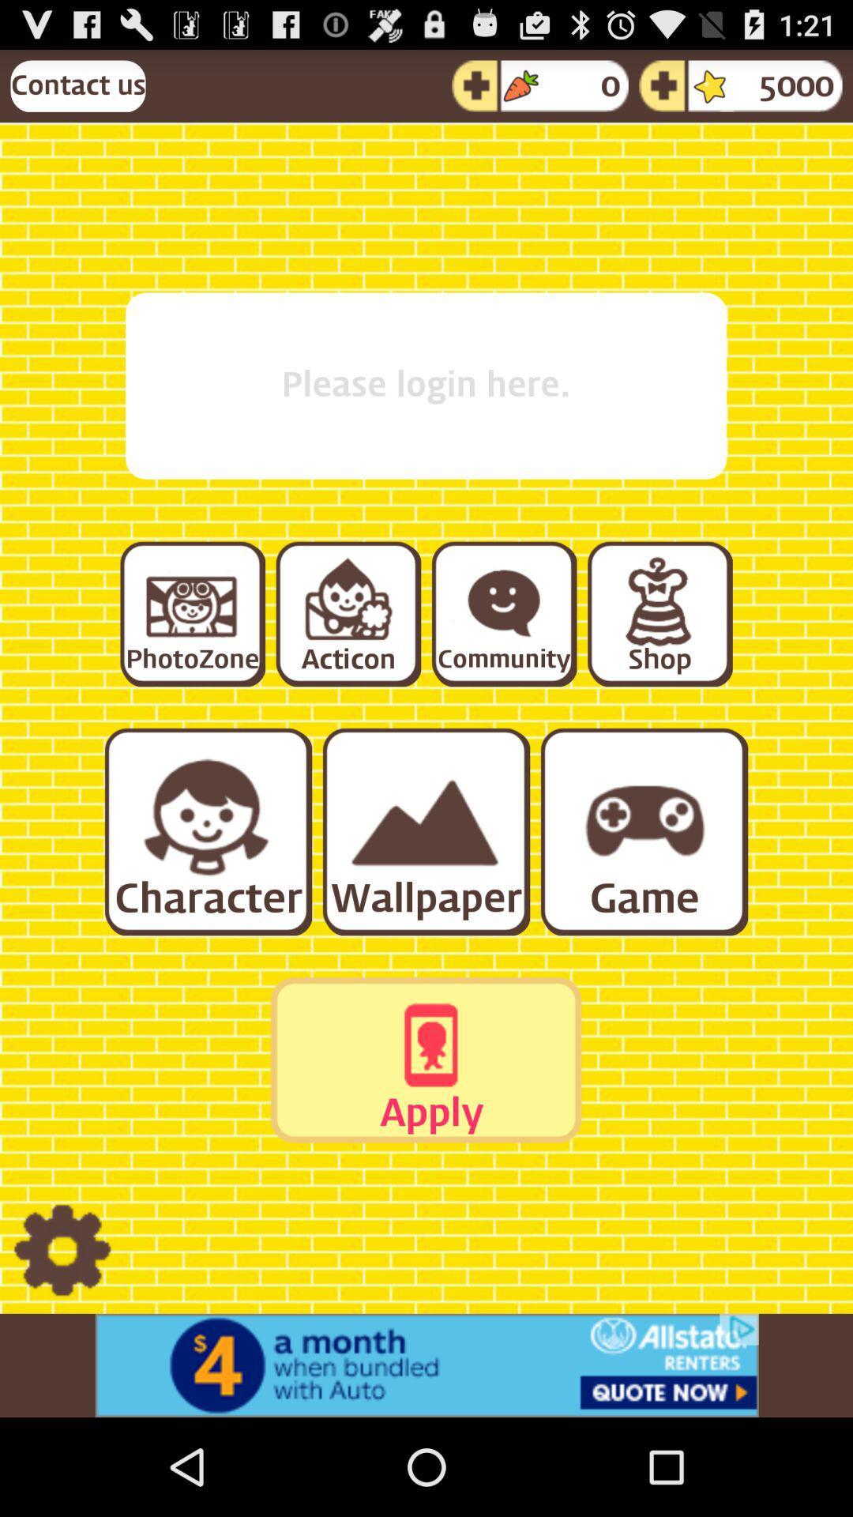 Image resolution: width=853 pixels, height=1517 pixels. Describe the element at coordinates (425, 1060) in the screenshot. I see `apply` at that location.